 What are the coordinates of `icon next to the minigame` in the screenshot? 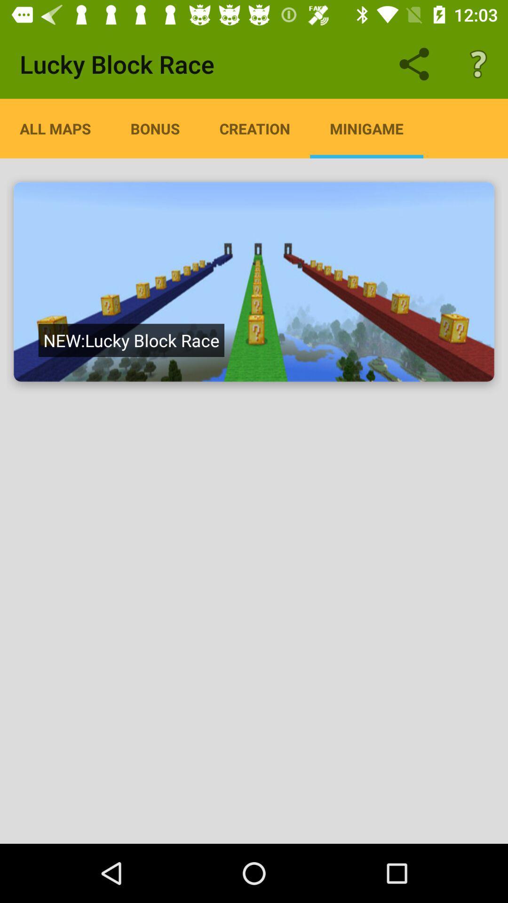 It's located at (254, 128).